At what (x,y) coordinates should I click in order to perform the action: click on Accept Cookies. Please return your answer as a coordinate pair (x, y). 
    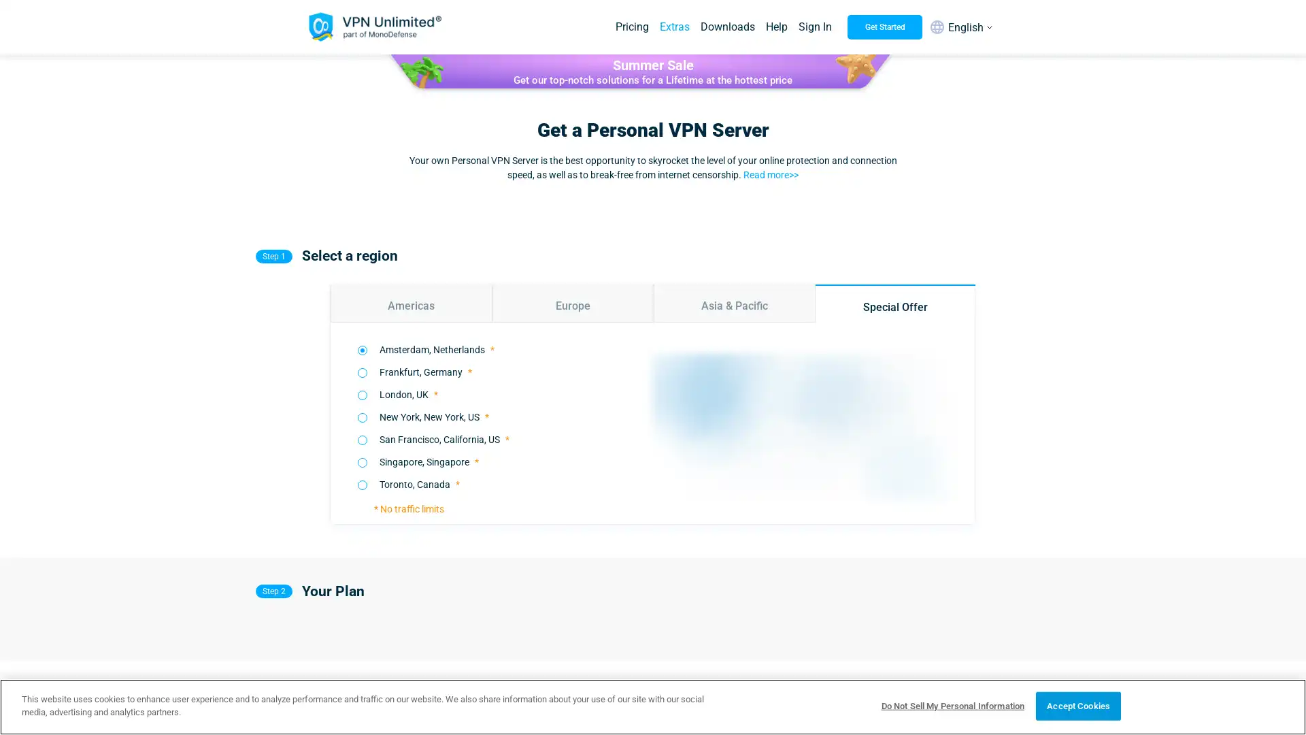
    Looking at the image, I should click on (1077, 705).